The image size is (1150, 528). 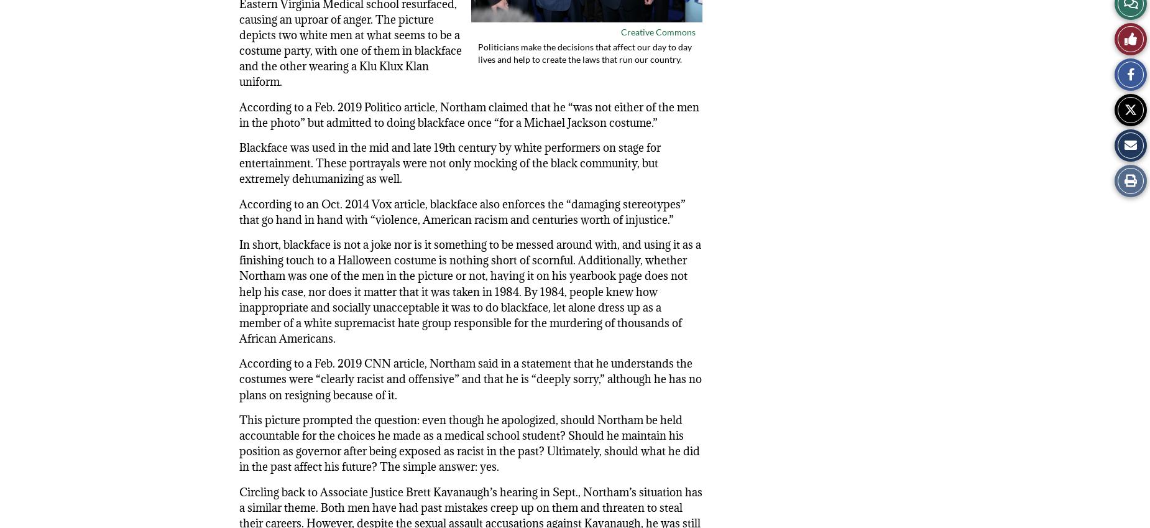 I want to click on 'Oct 26 / Varsity Girls Volleyball', so click(x=816, y=6).